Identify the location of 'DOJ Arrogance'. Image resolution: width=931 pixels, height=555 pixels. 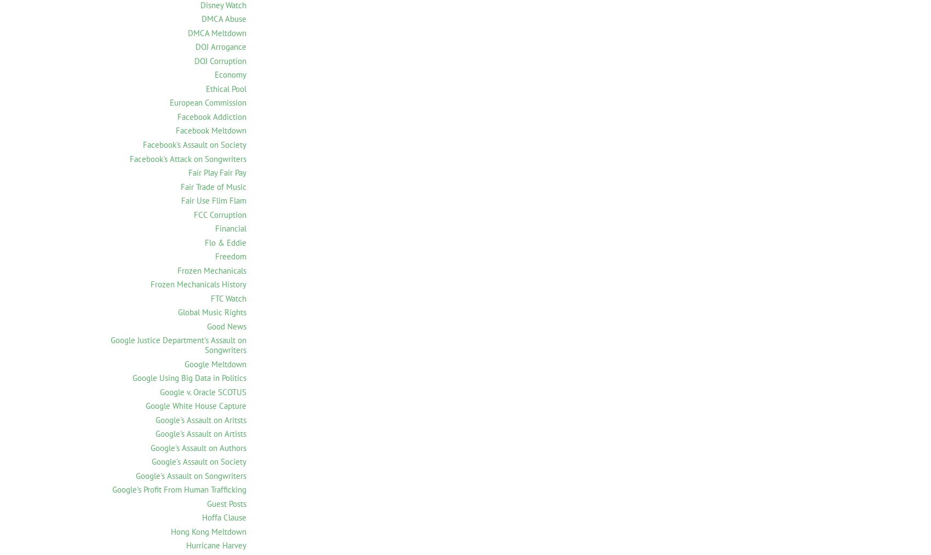
(220, 46).